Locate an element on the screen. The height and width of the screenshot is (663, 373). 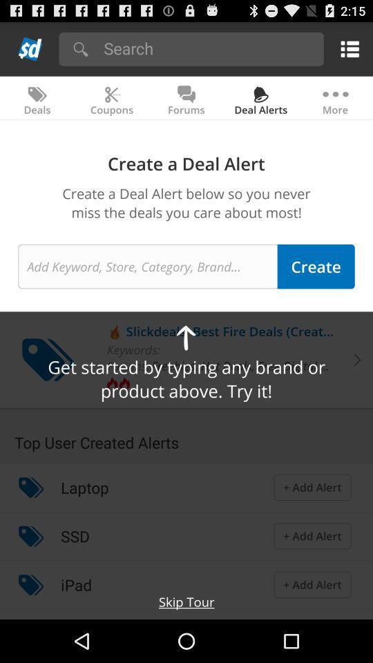
the top user created icon is located at coordinates (186, 435).